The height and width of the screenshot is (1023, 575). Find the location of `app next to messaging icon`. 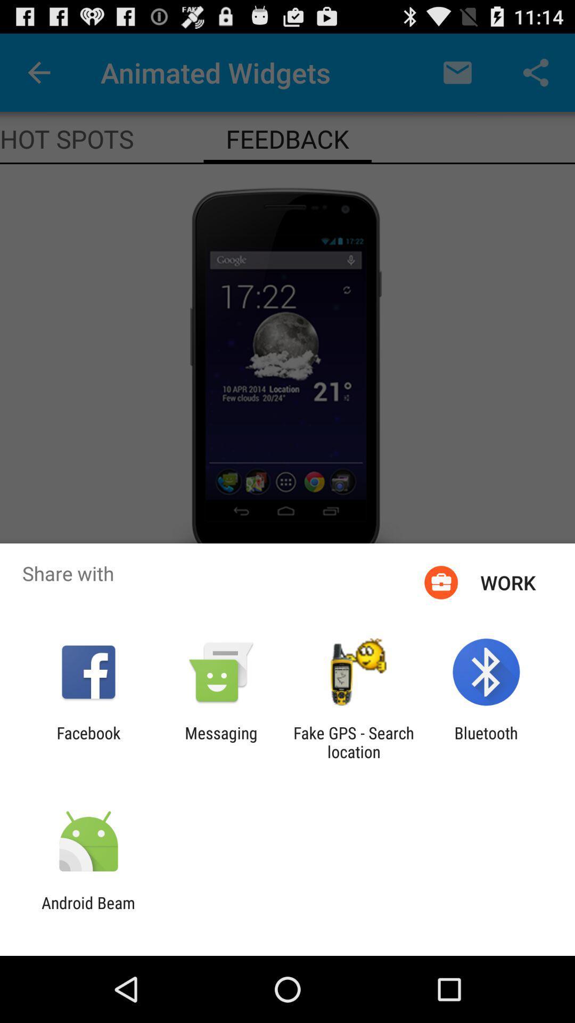

app next to messaging icon is located at coordinates (88, 742).